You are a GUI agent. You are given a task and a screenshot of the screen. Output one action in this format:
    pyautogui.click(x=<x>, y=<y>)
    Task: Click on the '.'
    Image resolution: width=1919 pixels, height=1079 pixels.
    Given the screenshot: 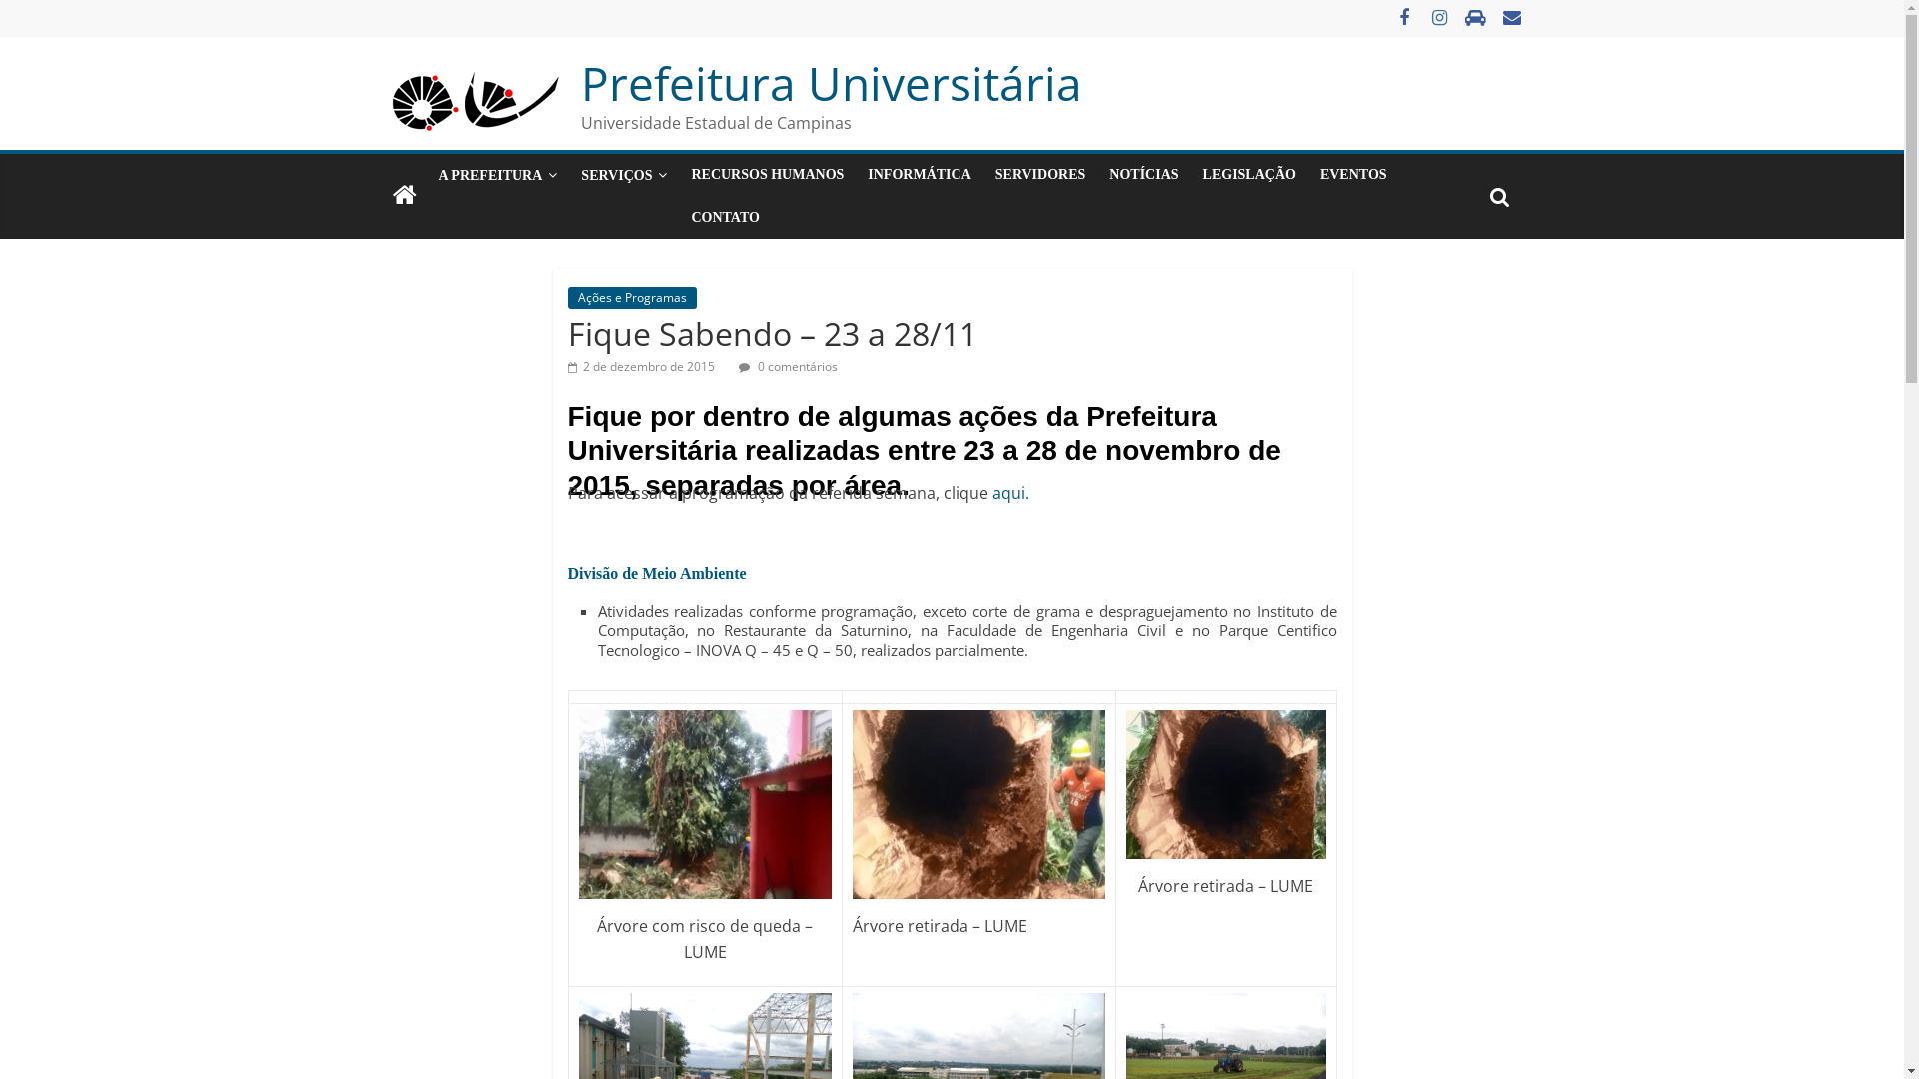 What is the action you would take?
    pyautogui.click(x=1026, y=493)
    